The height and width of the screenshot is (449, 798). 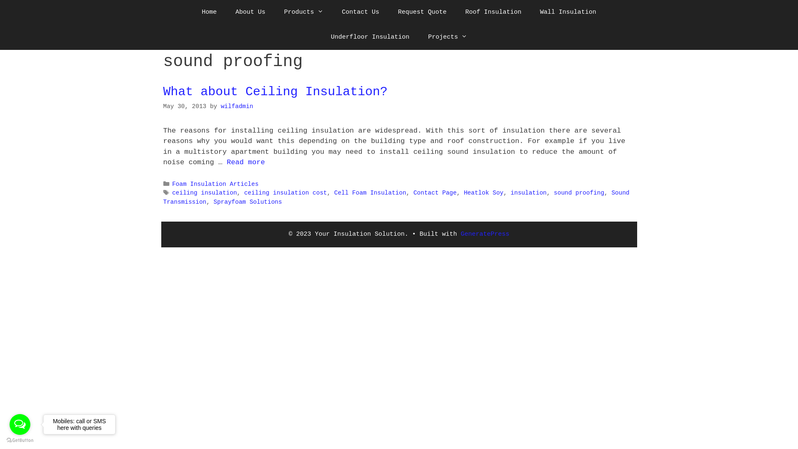 I want to click on 'Wall Insulation', so click(x=567, y=12).